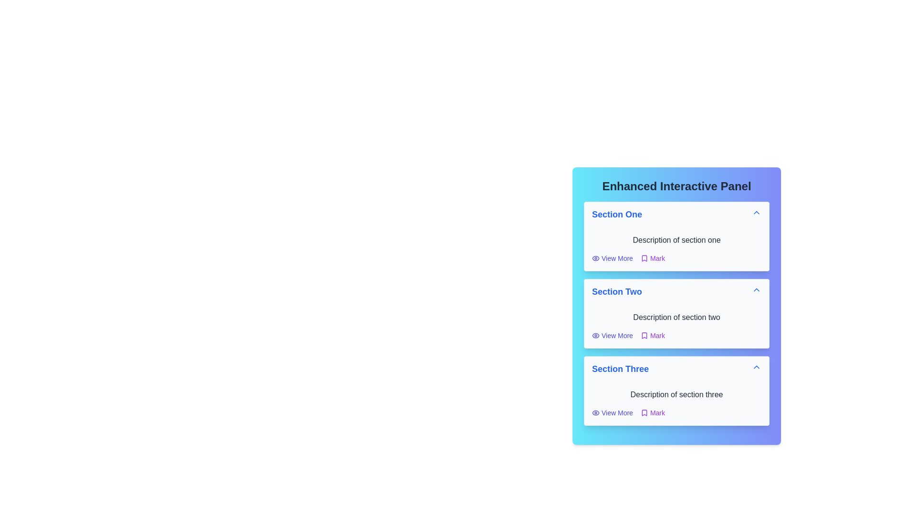 This screenshot has height=515, width=916. Describe the element at coordinates (620, 369) in the screenshot. I see `the title of the third section in the panel, which is located below 'Section One' and 'Section Two'` at that location.